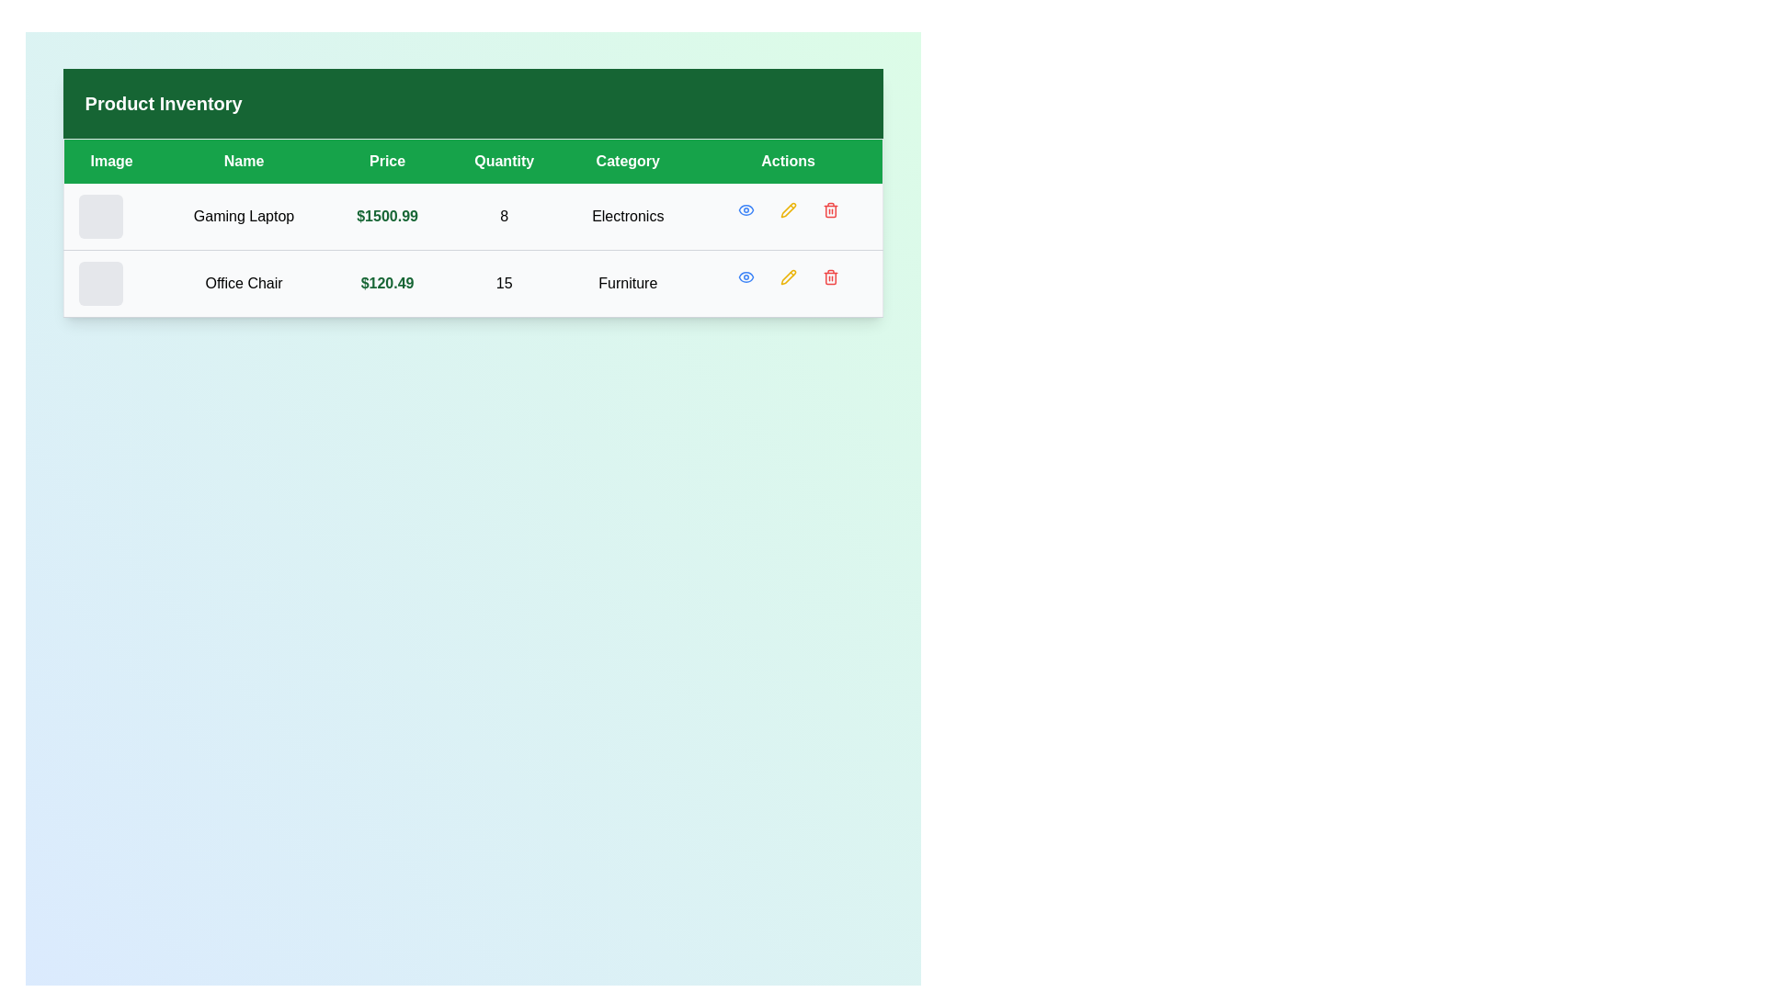  I want to click on the 'edit' button located in the 'Actions' column of the second row of the table to initiate the edit action for the 'Office Chair' entry, so click(788, 276).